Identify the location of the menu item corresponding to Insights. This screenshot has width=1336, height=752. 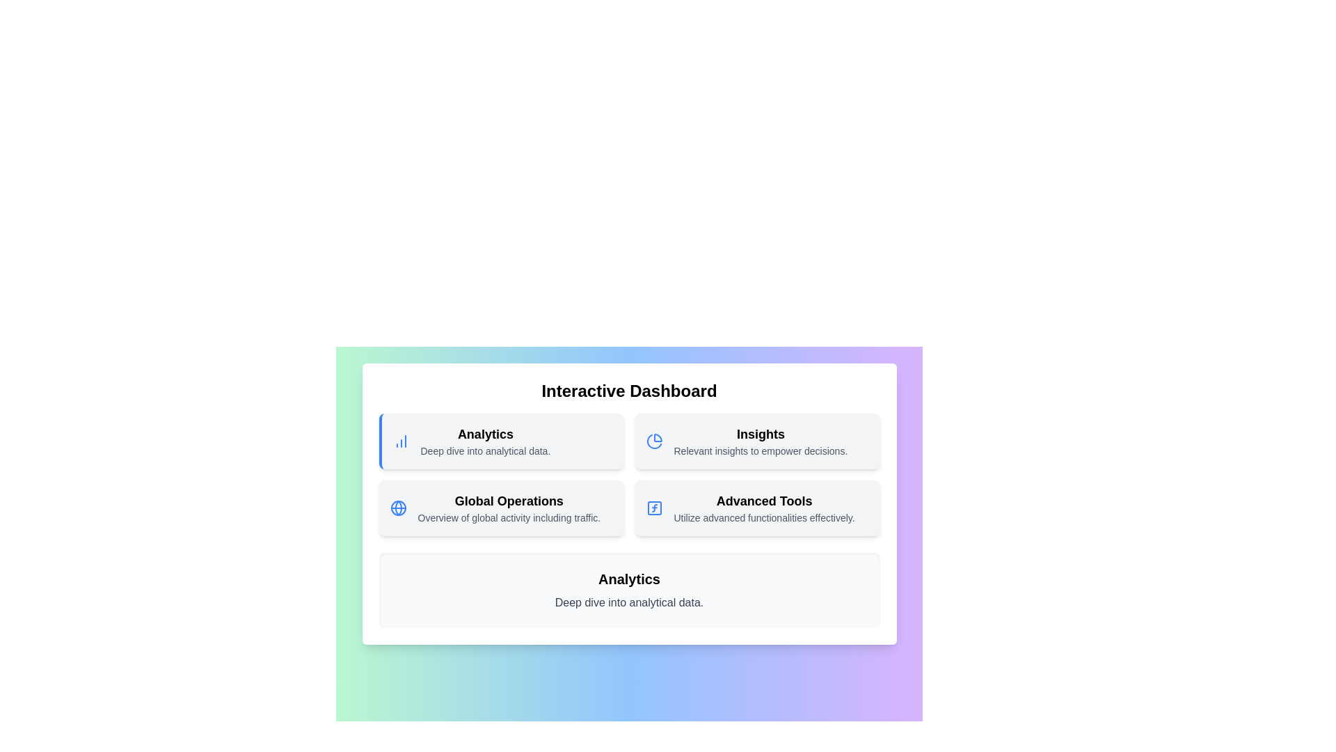
(756, 441).